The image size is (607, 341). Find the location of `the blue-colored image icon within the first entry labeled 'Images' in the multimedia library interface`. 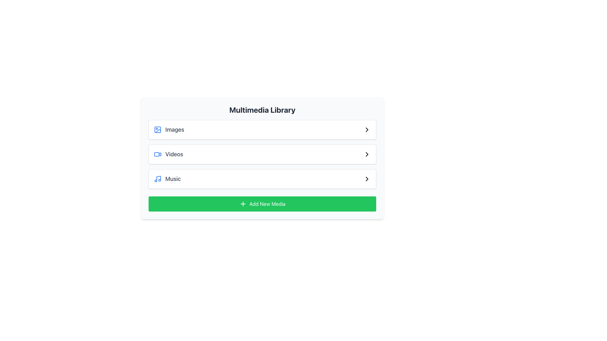

the blue-colored image icon within the first entry labeled 'Images' in the multimedia library interface is located at coordinates (158, 129).